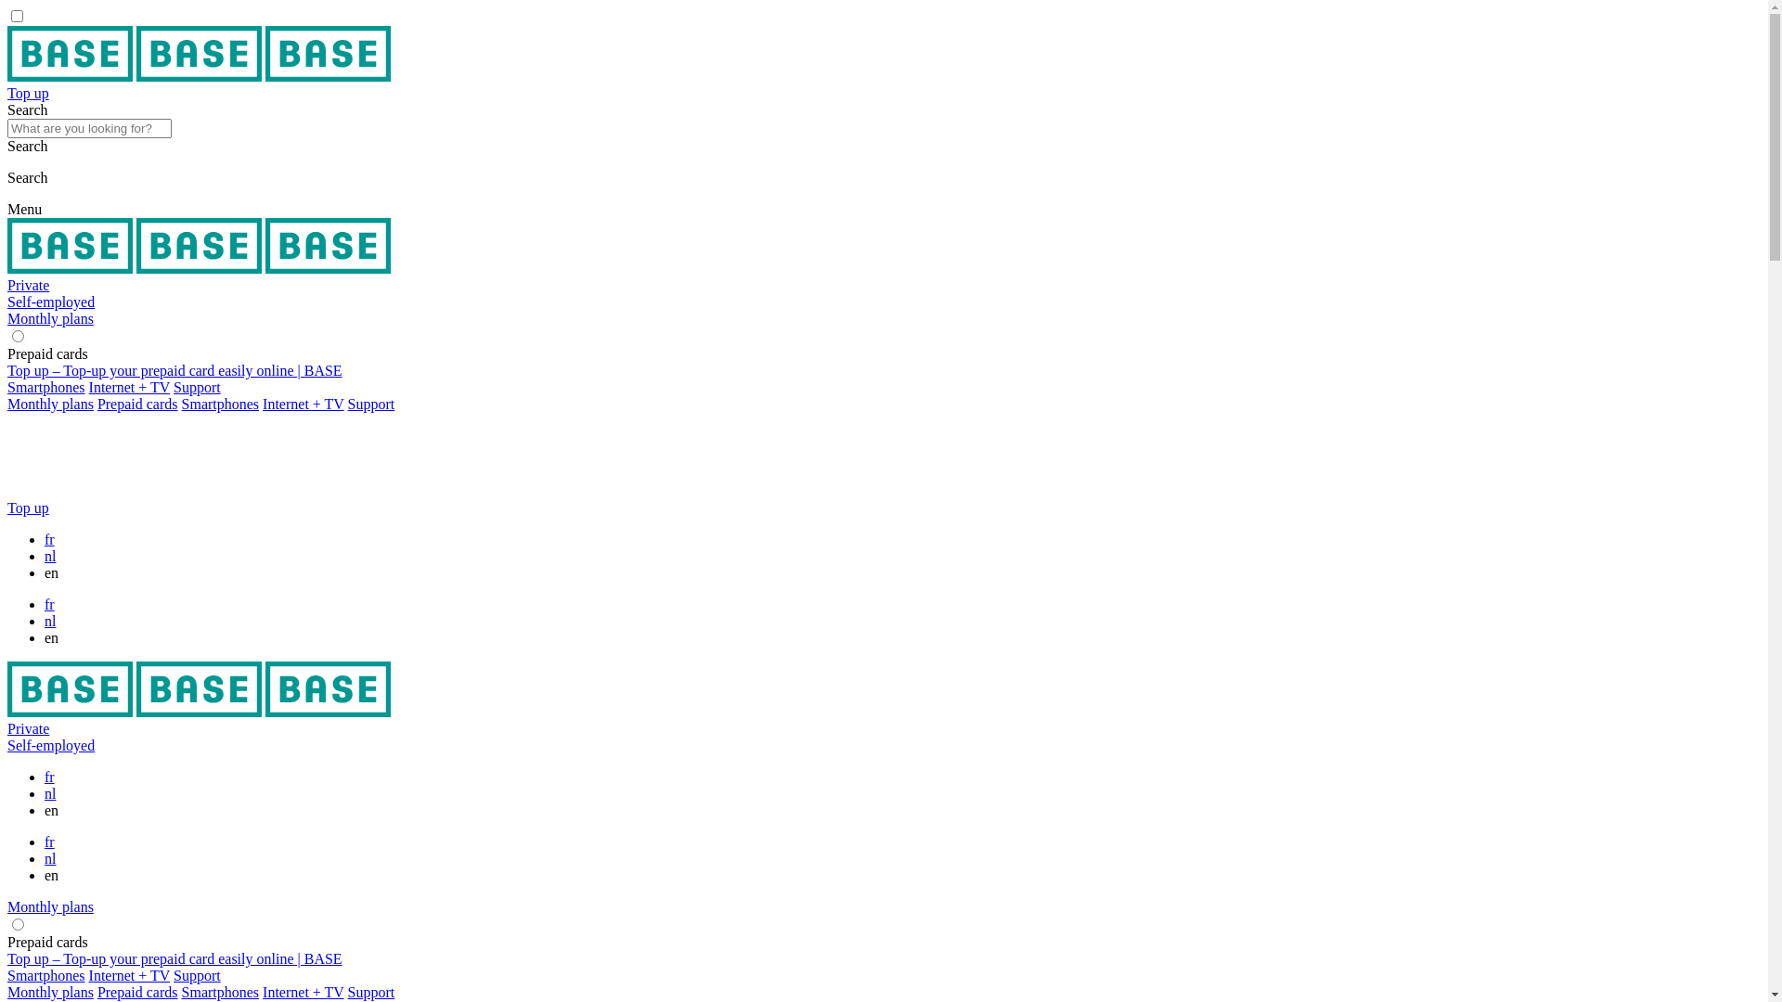 This screenshot has width=1782, height=1002. I want to click on 'Monthly plans', so click(50, 906).